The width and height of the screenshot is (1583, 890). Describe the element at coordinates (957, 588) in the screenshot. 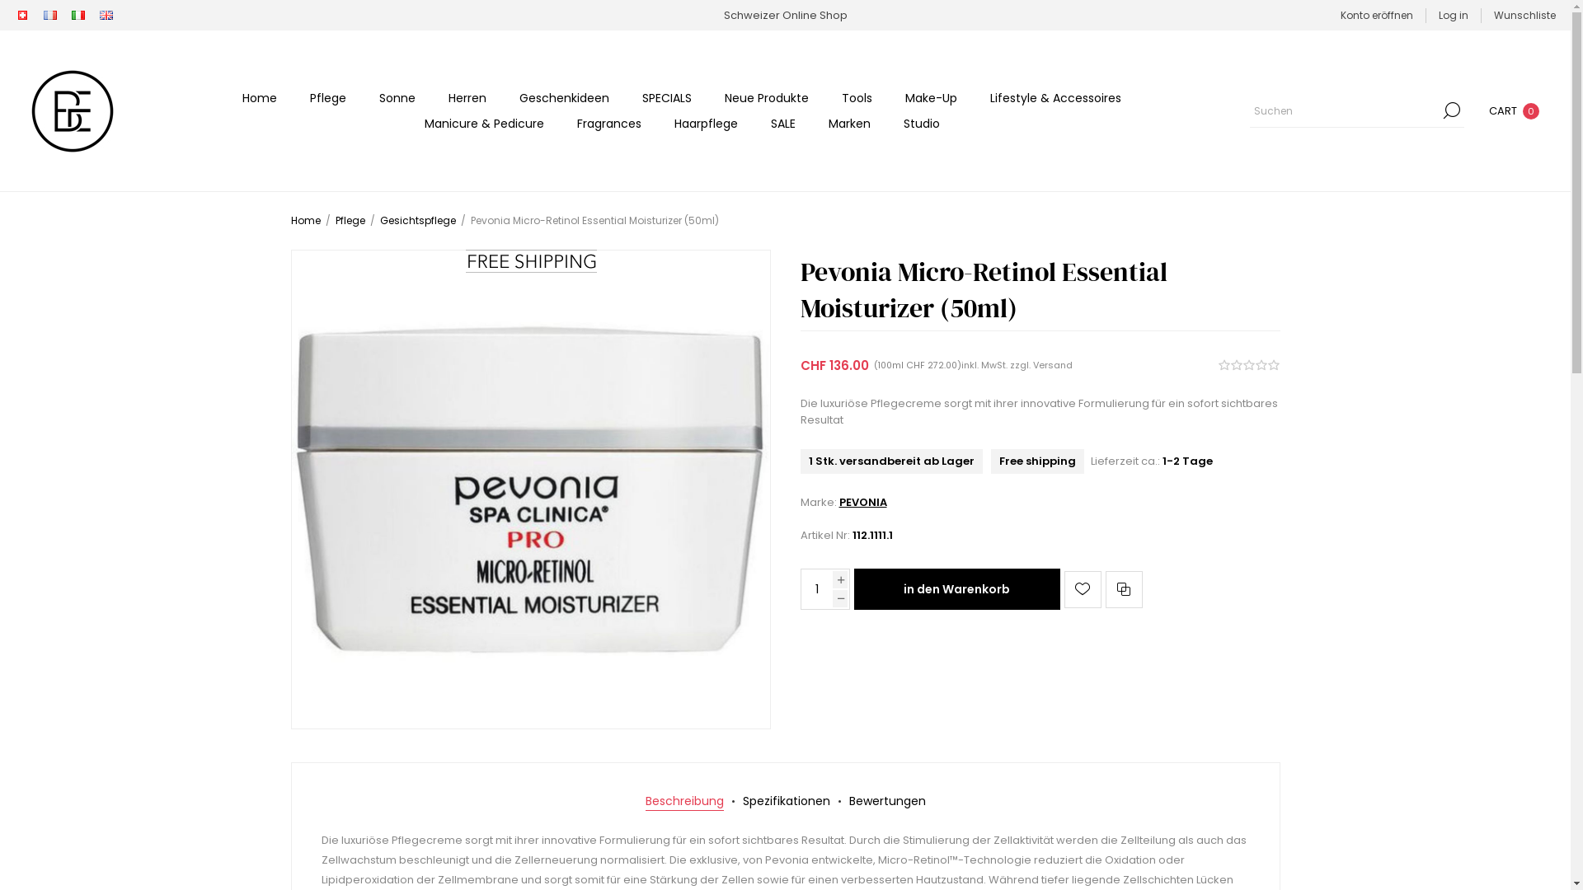

I see `'in den Warenkorb'` at that location.